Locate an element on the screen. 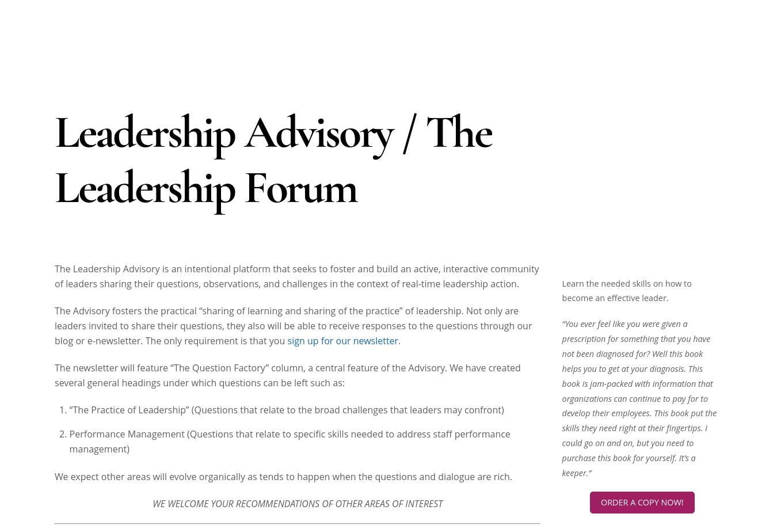 The width and height of the screenshot is (777, 525). ': Reserve A Private Session' is located at coordinates (668, 264).